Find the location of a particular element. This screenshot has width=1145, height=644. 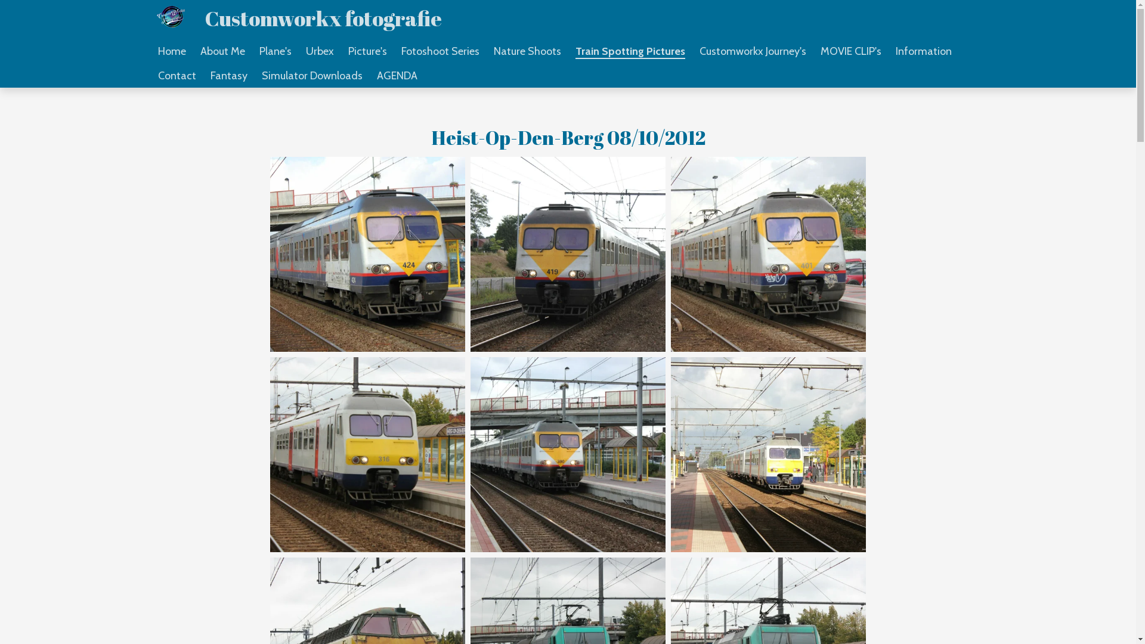

'Picture's' is located at coordinates (367, 50).